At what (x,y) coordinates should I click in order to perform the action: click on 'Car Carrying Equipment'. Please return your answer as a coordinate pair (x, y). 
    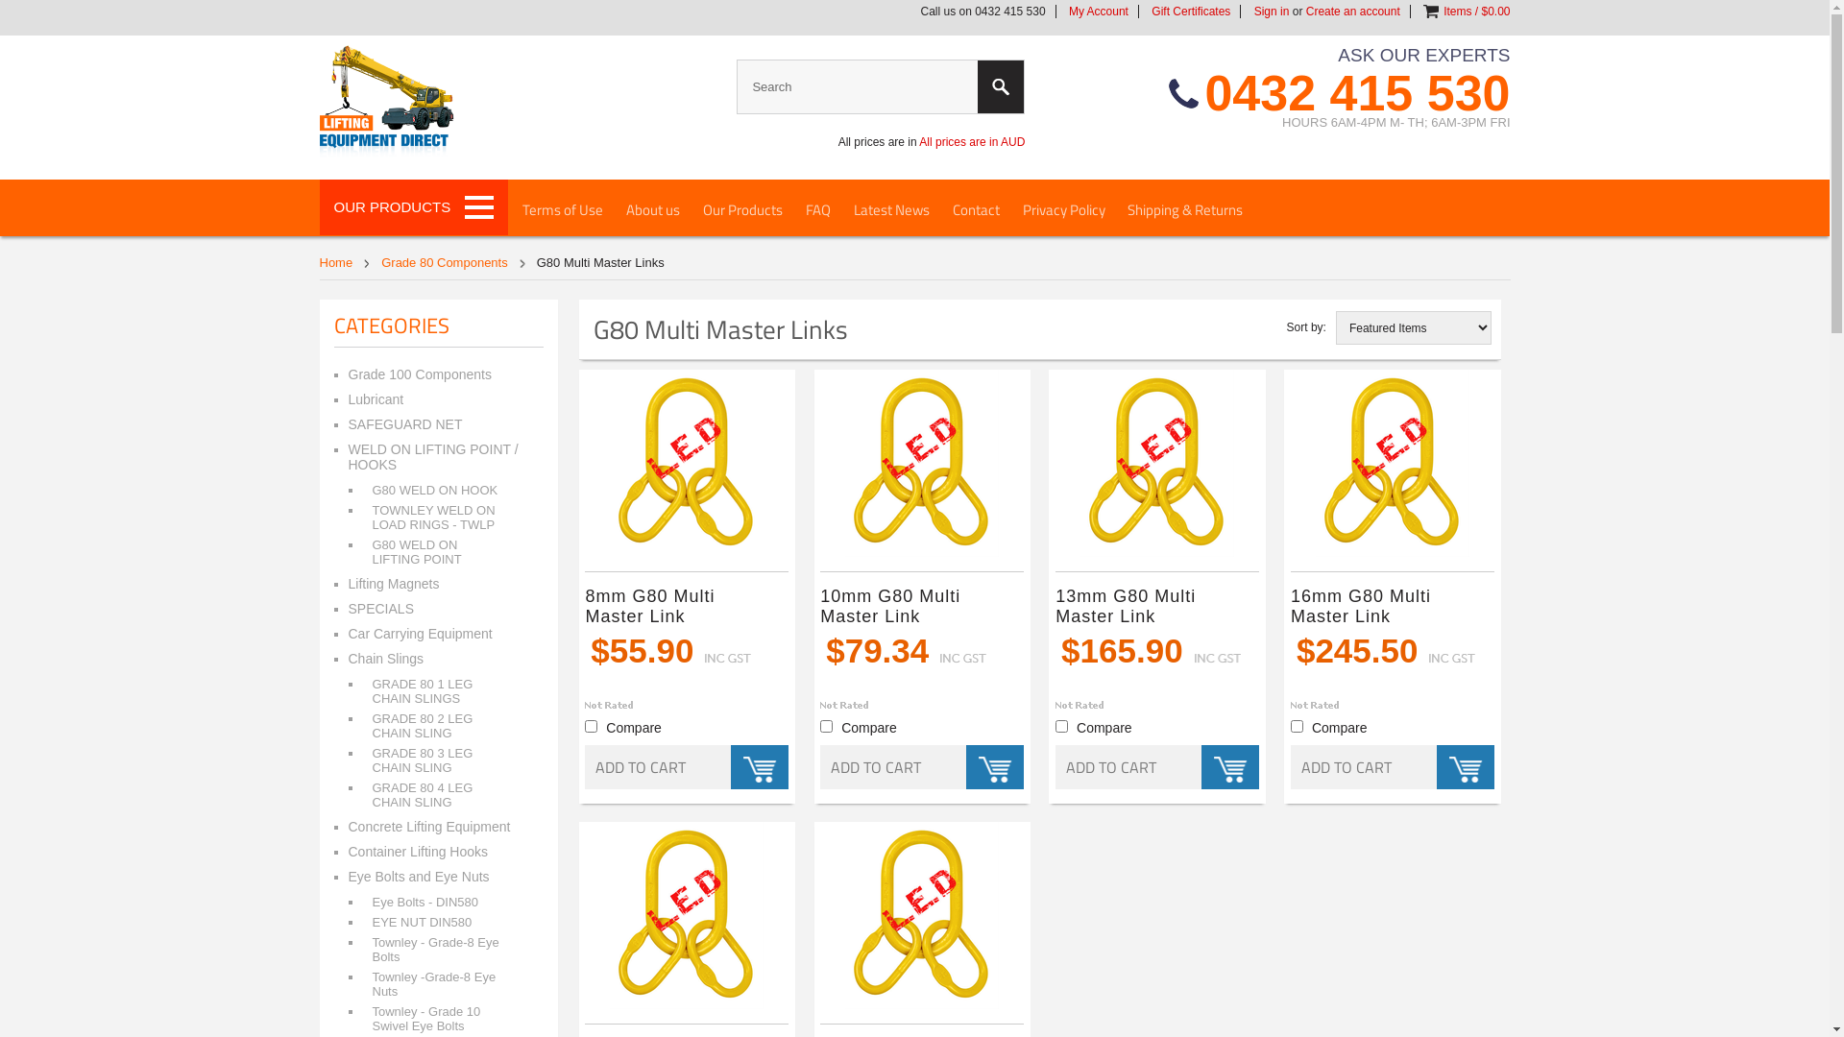
    Looking at the image, I should click on (434, 633).